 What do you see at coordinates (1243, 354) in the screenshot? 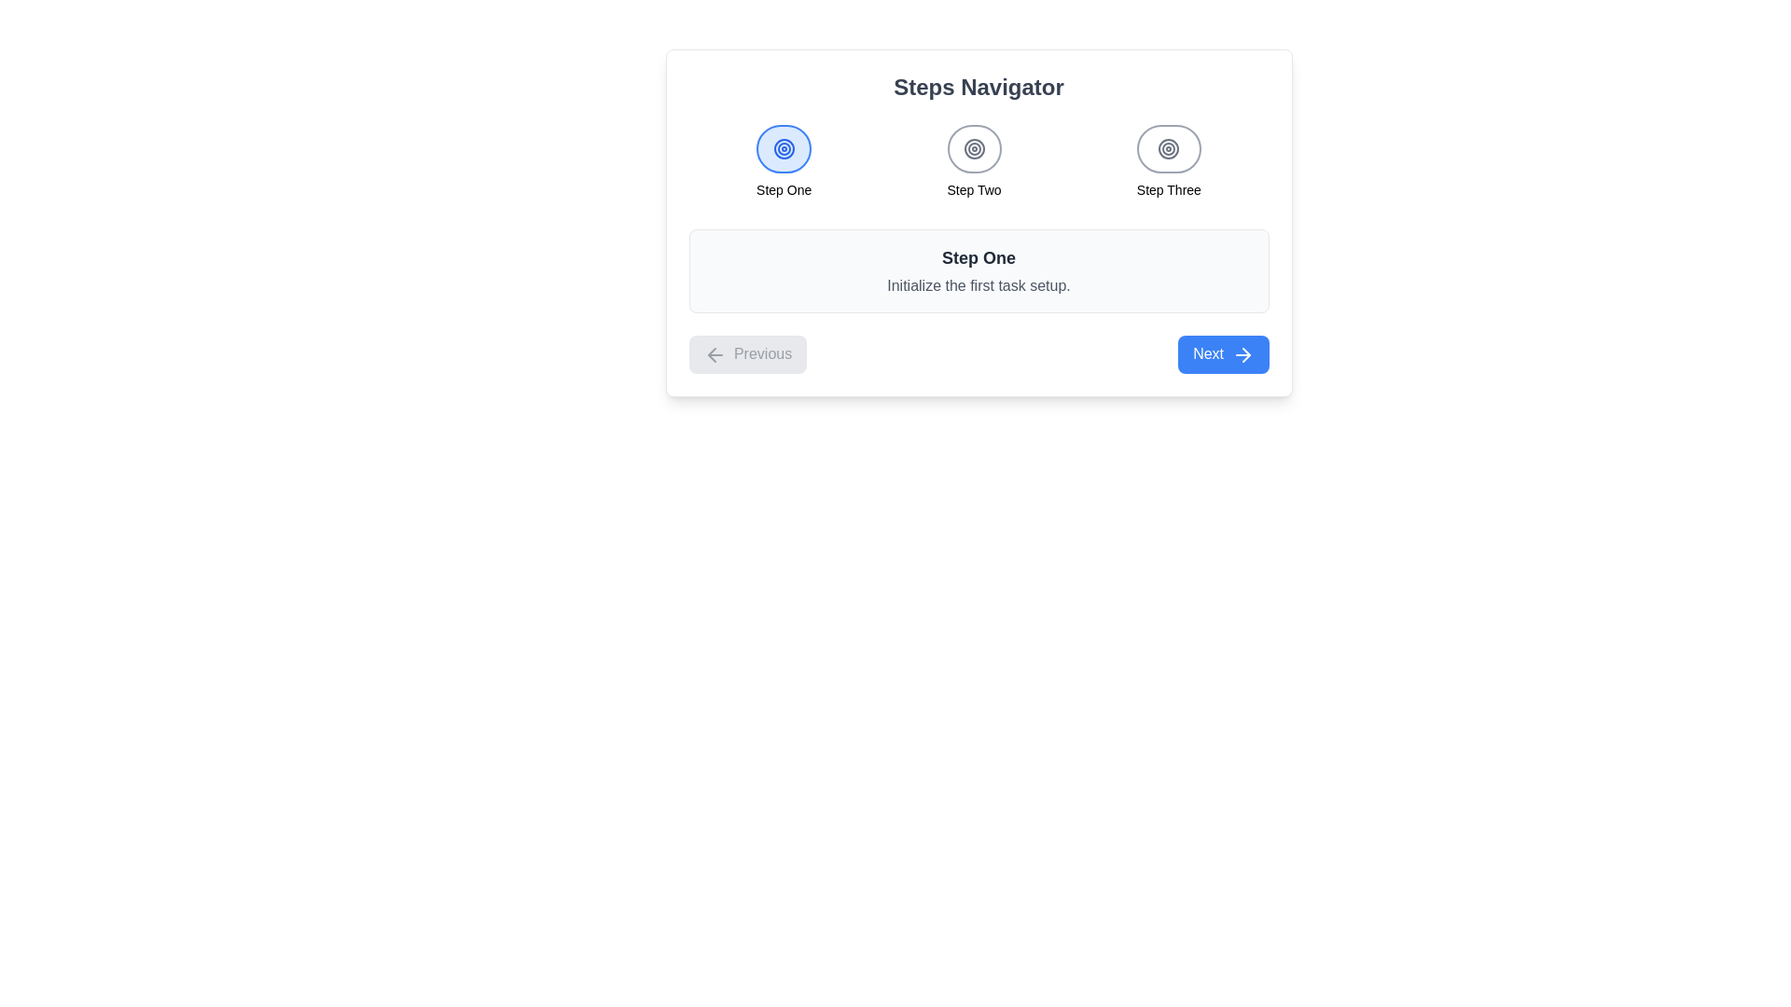
I see `the right-pointing arrow icon located to the right of the 'Next' button at the bottom-right corner of the interface` at bounding box center [1243, 354].